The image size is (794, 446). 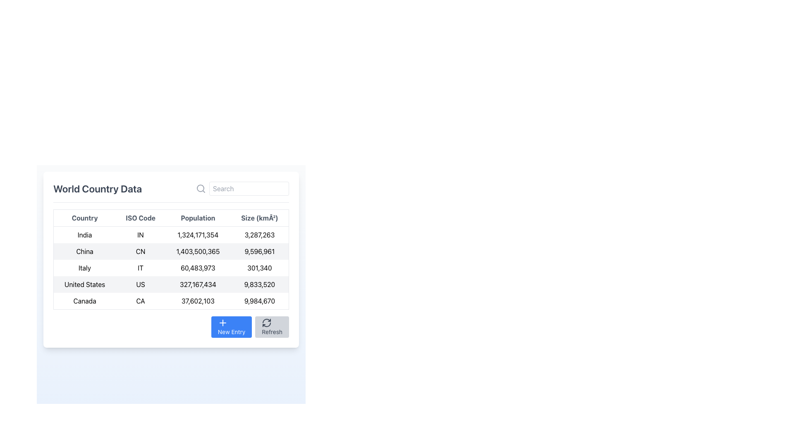 What do you see at coordinates (197, 235) in the screenshot?
I see `the Text Display element that shows the population of 'India' in the 'World Country Data' table, specifically located in the third column of the first row under the 'Population' heading` at bounding box center [197, 235].